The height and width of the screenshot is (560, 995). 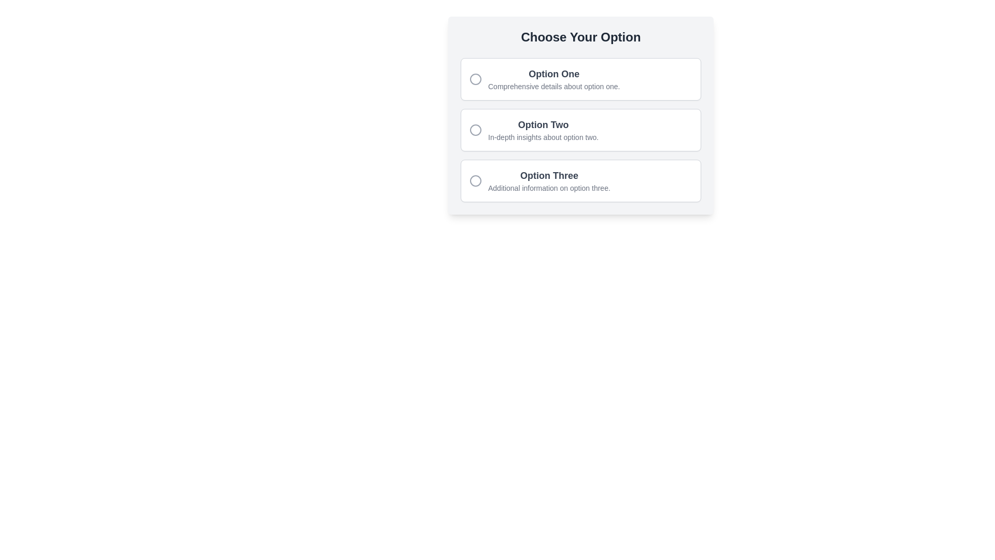 I want to click on the text label that displays 'Option Three' in bold font, which is located in the third option card above the descriptive text 'Additional information on option three.', so click(x=548, y=175).